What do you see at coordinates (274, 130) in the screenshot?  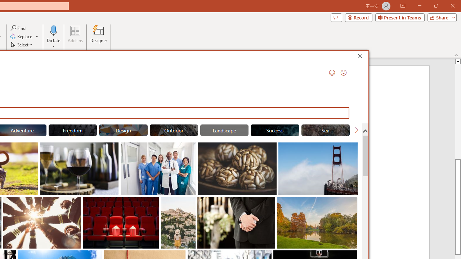 I see `'"Success" Stock Images.'` at bounding box center [274, 130].